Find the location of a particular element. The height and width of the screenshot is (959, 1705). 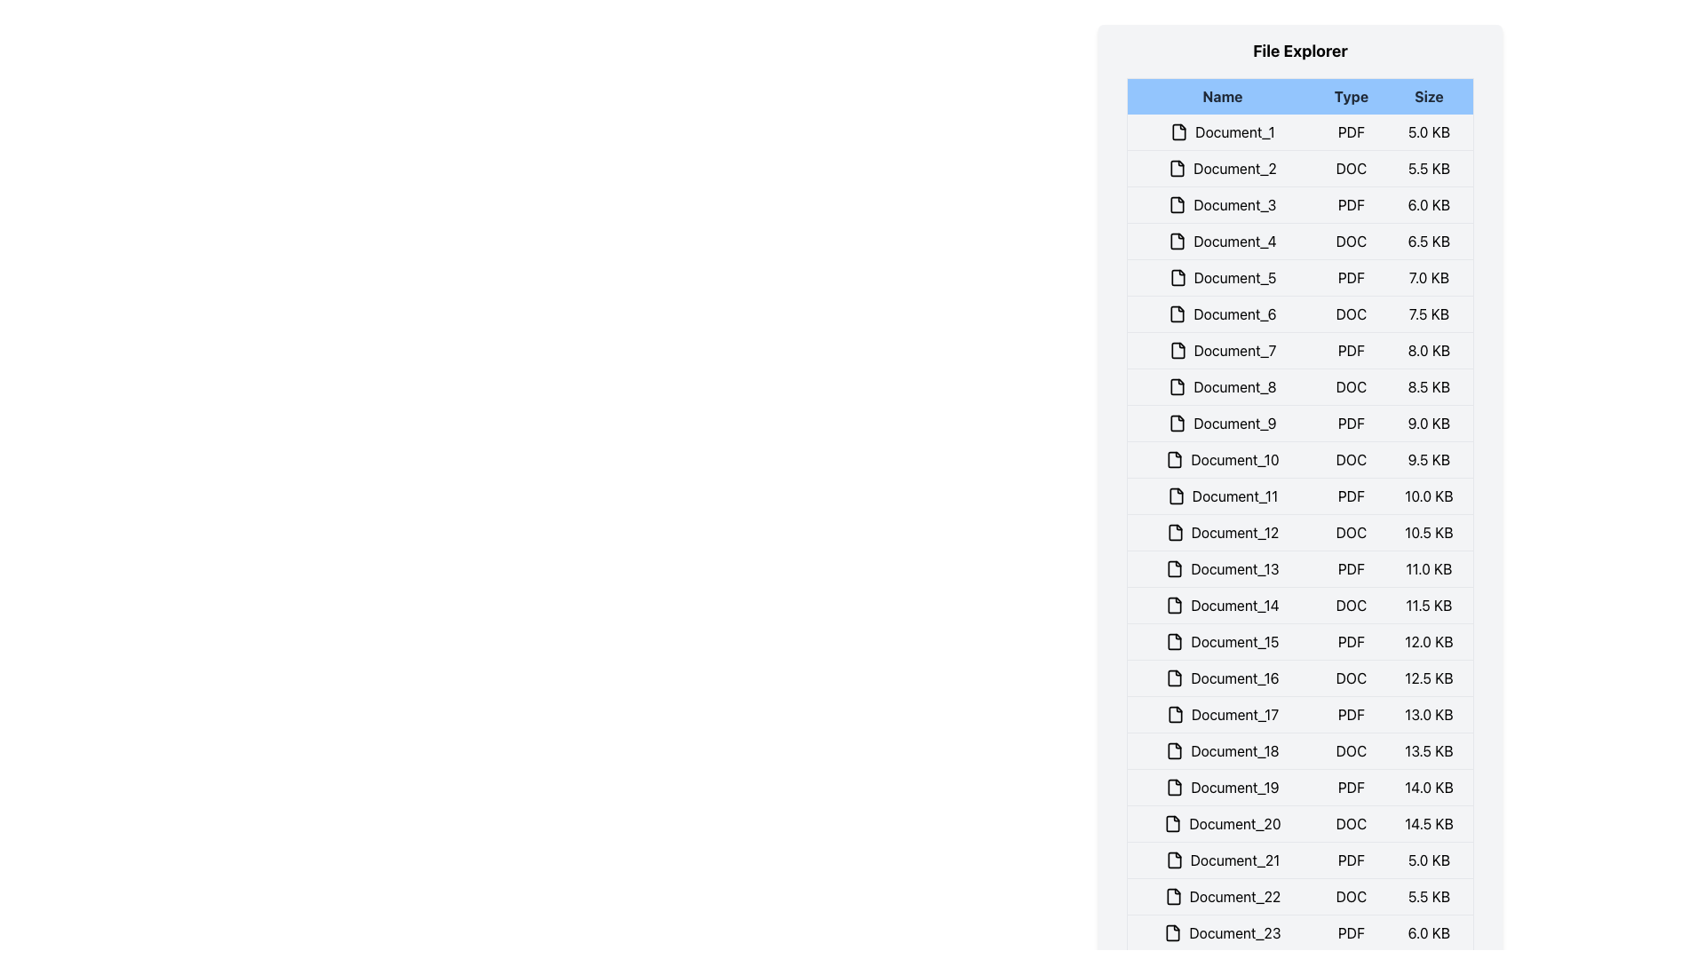

the 'Size' label, which is a bold text label located in the header row of a table, specifically the third column, aligned to the right of 'Name' and 'Type' is located at coordinates (1429, 96).